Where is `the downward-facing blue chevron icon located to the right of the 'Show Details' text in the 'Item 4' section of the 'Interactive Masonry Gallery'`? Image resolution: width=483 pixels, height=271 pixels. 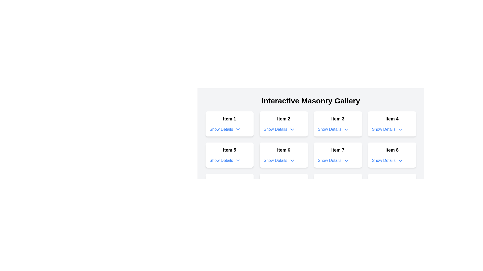 the downward-facing blue chevron icon located to the right of the 'Show Details' text in the 'Item 4' section of the 'Interactive Masonry Gallery' is located at coordinates (400, 129).